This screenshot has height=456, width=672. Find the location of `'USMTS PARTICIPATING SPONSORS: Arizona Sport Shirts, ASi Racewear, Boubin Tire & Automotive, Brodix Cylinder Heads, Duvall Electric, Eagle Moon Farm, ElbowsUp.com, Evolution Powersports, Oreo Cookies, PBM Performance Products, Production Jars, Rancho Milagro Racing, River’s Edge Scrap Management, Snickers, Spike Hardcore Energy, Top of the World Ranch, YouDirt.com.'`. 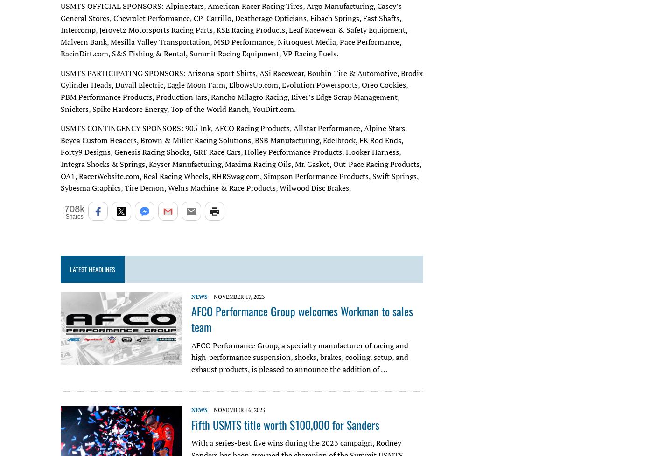

'USMTS PARTICIPATING SPONSORS: Arizona Sport Shirts, ASi Racewear, Boubin Tire & Automotive, Brodix Cylinder Heads, Duvall Electric, Eagle Moon Farm, ElbowsUp.com, Evolution Powersports, Oreo Cookies, PBM Performance Products, Production Jars, Rancho Milagro Racing, River’s Edge Scrap Management, Snickers, Spike Hardcore Energy, Top of the World Ranch, YouDirt.com.' is located at coordinates (241, 90).